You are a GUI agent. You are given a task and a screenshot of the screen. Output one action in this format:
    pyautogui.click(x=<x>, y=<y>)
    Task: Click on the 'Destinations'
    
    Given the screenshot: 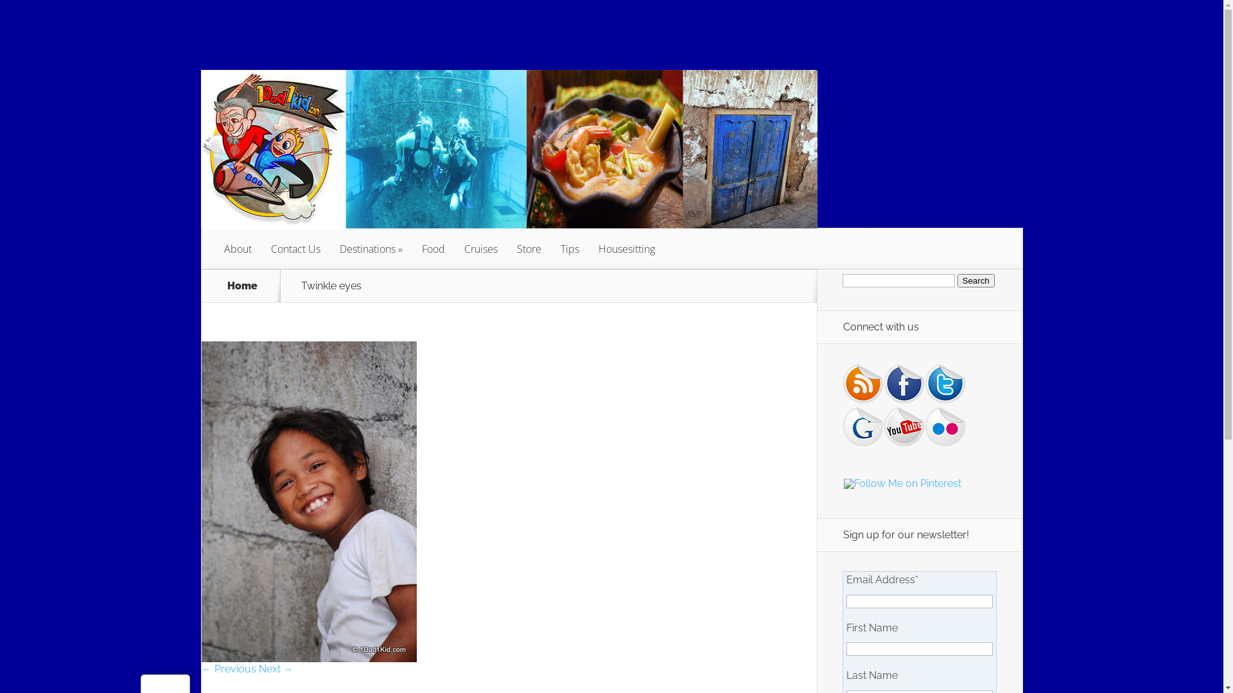 What is the action you would take?
    pyautogui.click(x=329, y=249)
    